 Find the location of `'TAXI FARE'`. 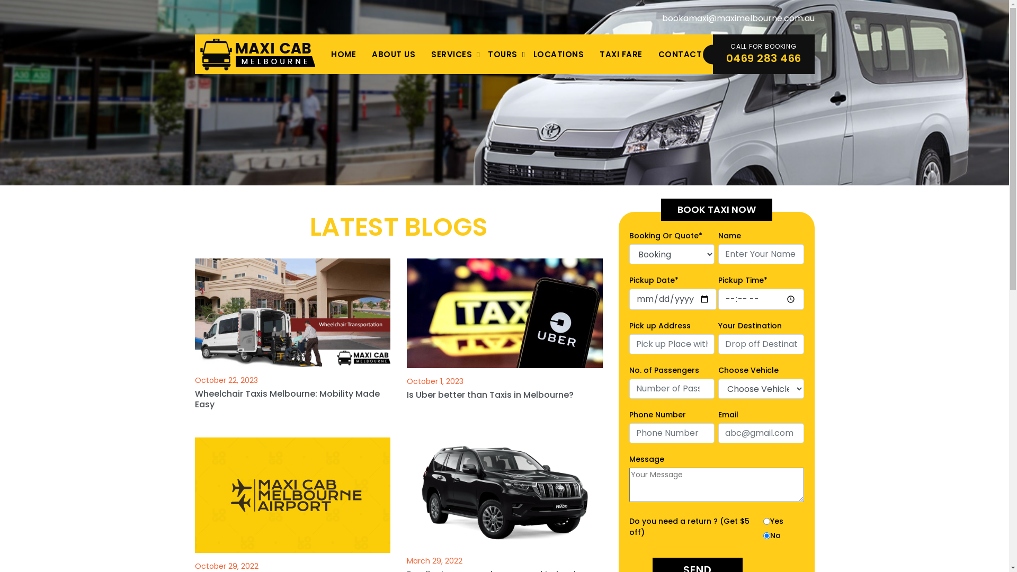

'TAXI FARE' is located at coordinates (621, 54).